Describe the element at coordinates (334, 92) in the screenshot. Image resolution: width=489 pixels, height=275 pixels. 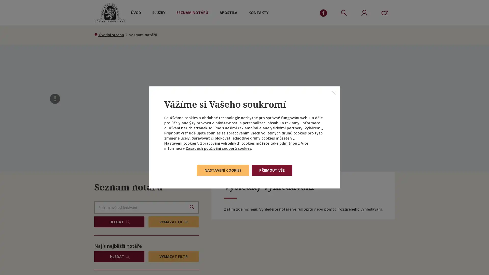
I see `Zavrit` at that location.